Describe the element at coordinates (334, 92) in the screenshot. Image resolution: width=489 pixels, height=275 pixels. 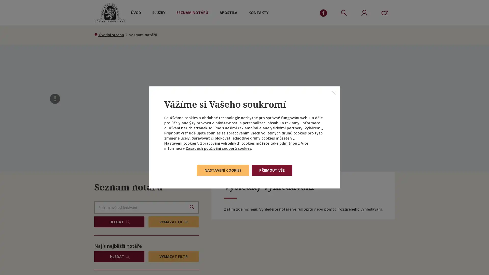
I see `Zavrit` at that location.